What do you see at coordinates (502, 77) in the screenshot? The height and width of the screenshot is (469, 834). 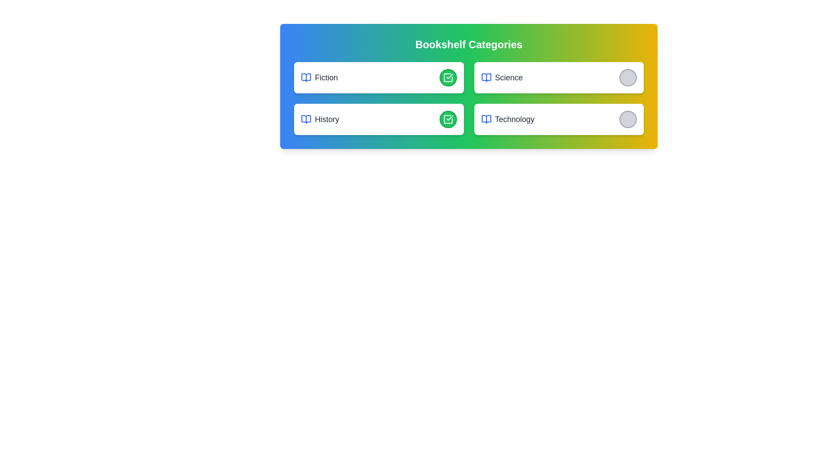 I see `the category name Science from the list` at bounding box center [502, 77].